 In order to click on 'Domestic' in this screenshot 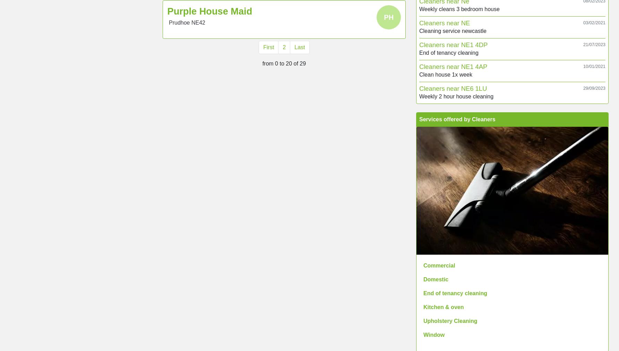, I will do `click(423, 279)`.